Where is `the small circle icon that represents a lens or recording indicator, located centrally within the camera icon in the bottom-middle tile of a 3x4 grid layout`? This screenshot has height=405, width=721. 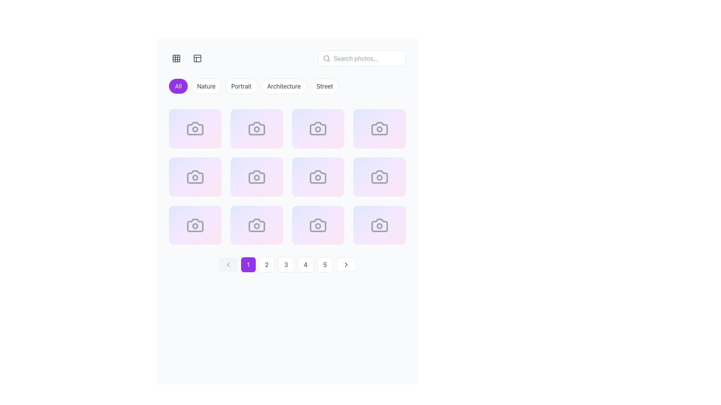 the small circle icon that represents a lens or recording indicator, located centrally within the camera icon in the bottom-middle tile of a 3x4 grid layout is located at coordinates (318, 226).